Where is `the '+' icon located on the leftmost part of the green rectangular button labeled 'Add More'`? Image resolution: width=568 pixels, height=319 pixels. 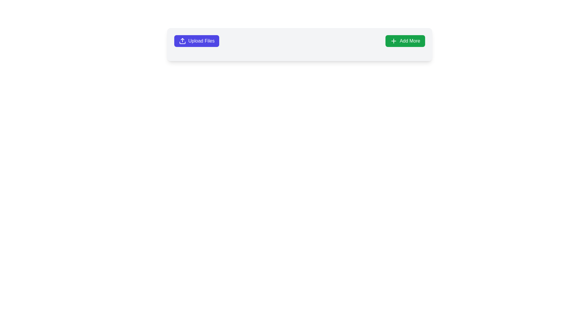 the '+' icon located on the leftmost part of the green rectangular button labeled 'Add More' is located at coordinates (394, 40).